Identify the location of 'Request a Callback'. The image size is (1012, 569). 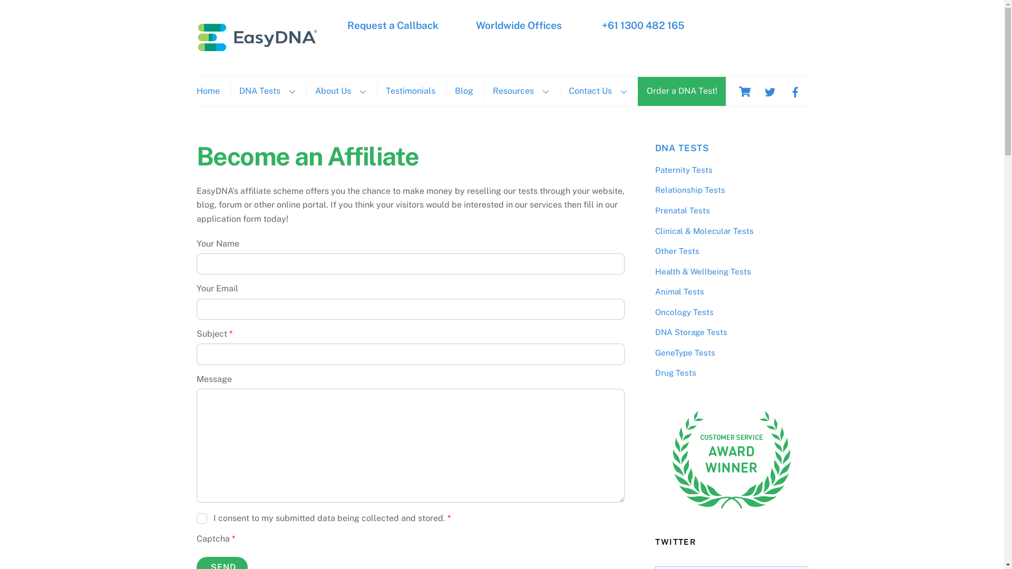
(392, 24).